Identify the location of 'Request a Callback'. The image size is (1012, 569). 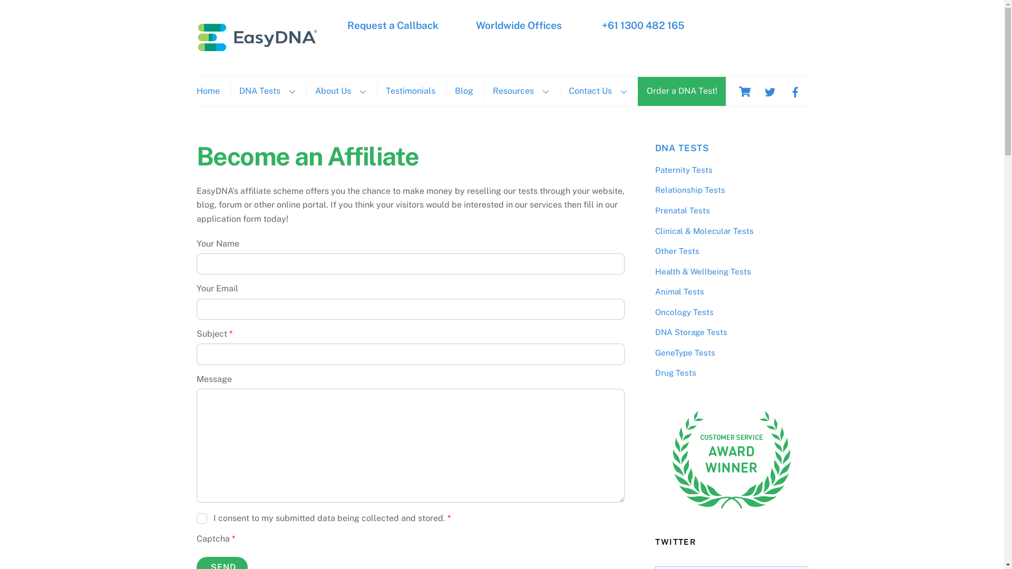
(392, 24).